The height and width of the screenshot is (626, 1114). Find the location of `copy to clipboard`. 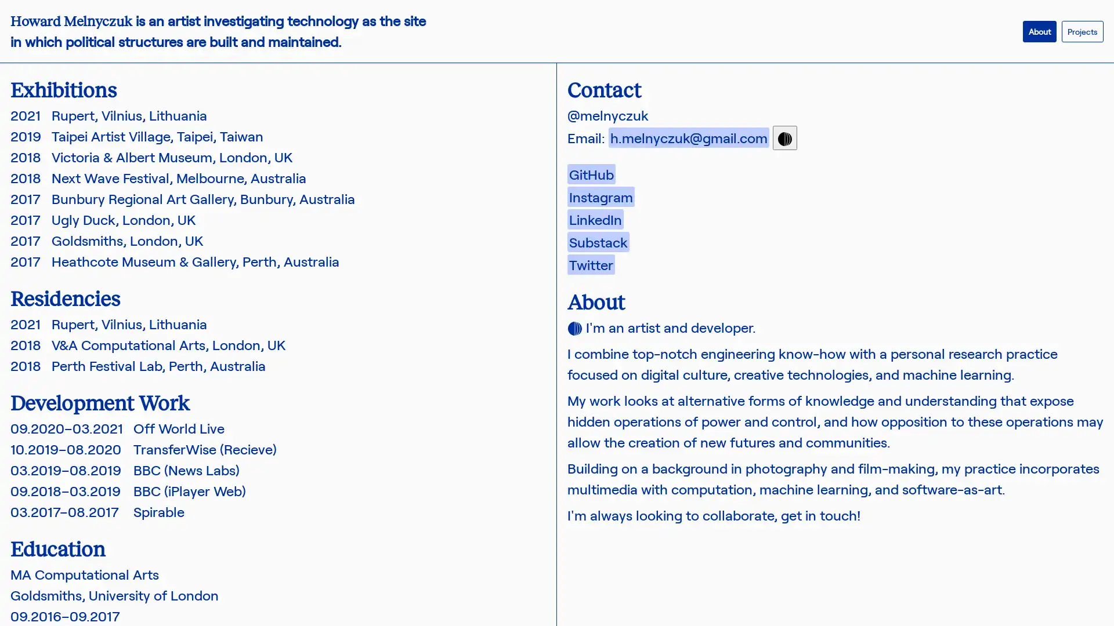

copy to clipboard is located at coordinates (785, 137).